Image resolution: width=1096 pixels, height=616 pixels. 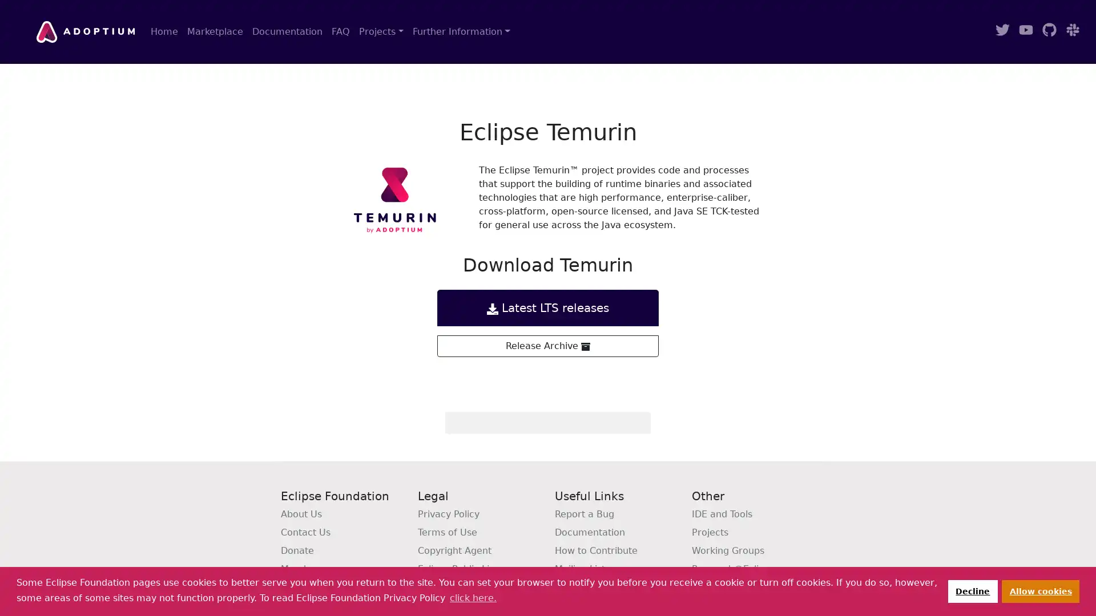 I want to click on learn more about cookies, so click(x=473, y=597).